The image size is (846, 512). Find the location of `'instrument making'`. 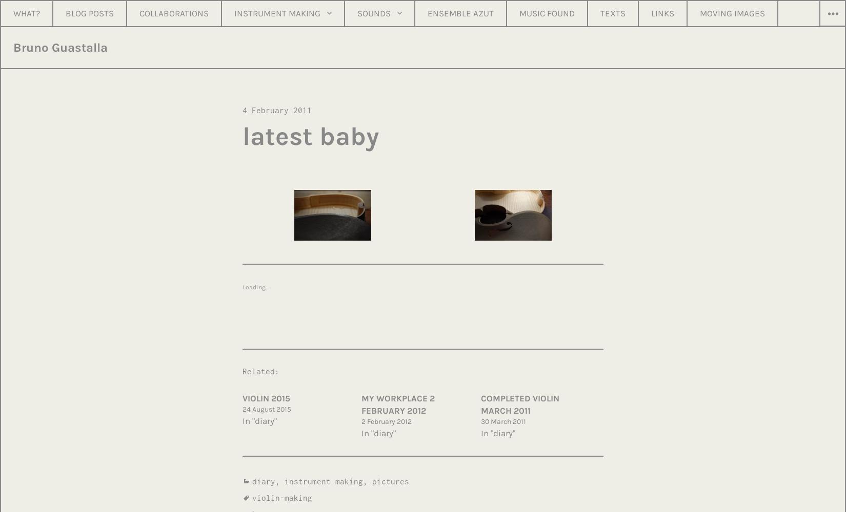

'instrument making' is located at coordinates (323, 480).